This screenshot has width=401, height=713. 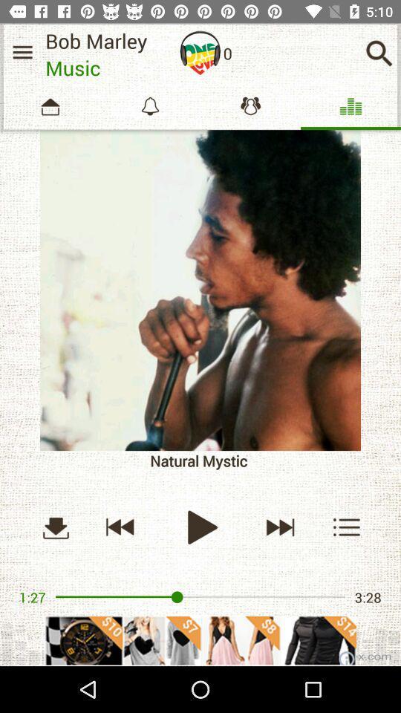 I want to click on download button, so click(x=55, y=527).